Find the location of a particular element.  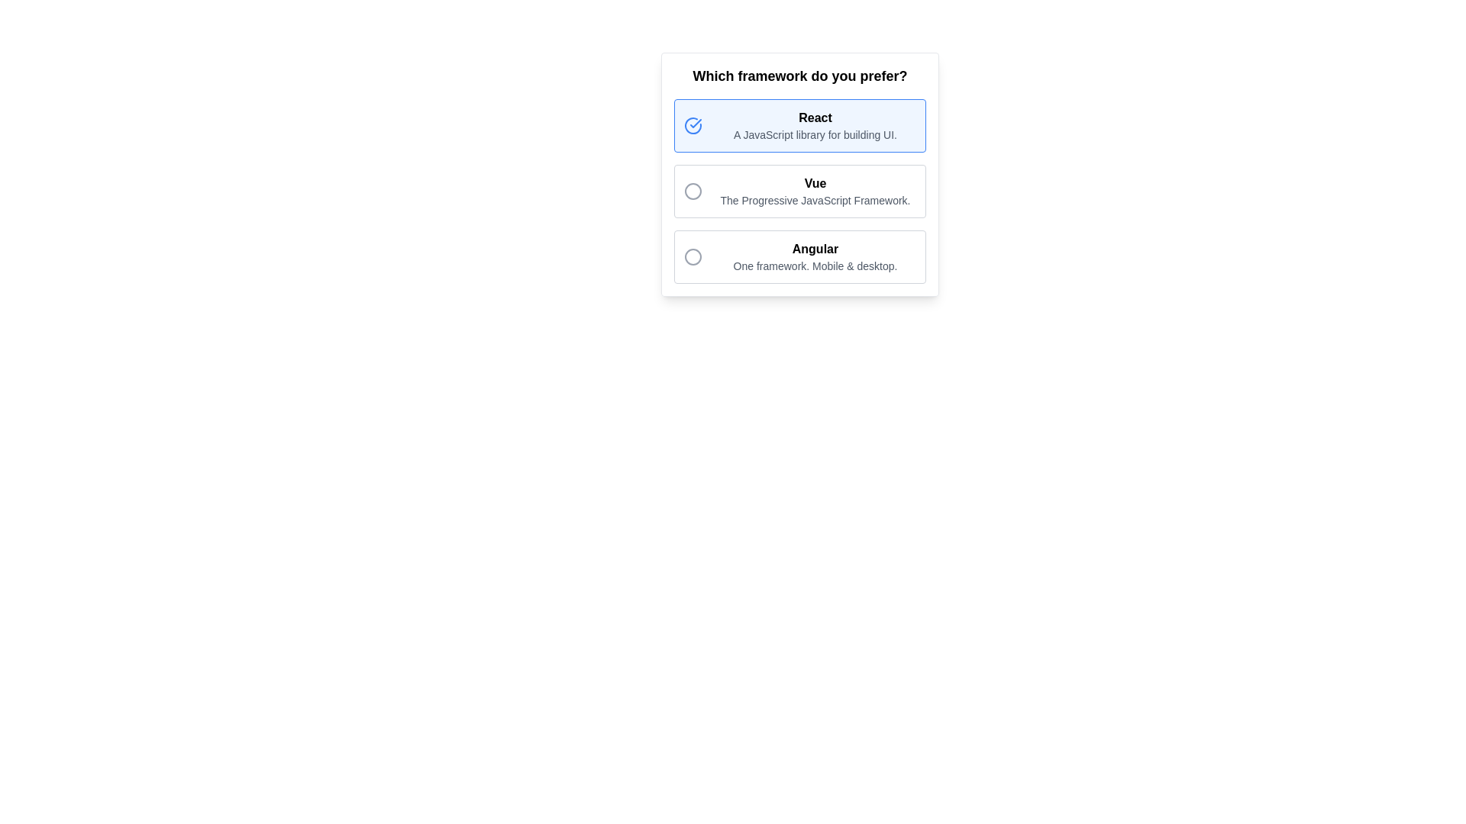

text label that describes the 'React' option located beneath the title text 'React' in the highlighted 'React' option card, centered horizontally and slightly inset from the card's edges is located at coordinates (815, 134).